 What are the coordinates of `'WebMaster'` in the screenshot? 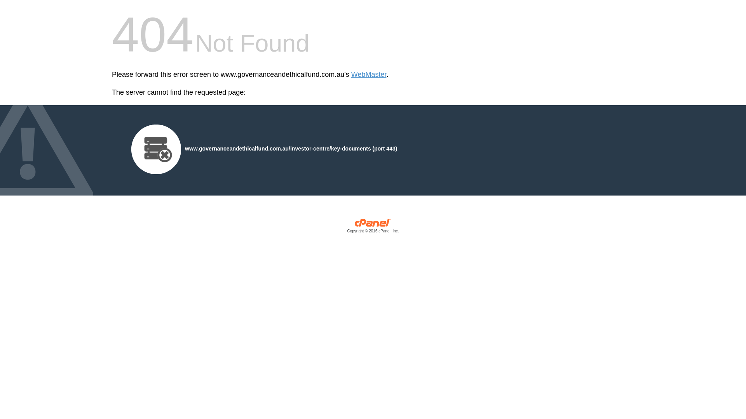 It's located at (368, 74).